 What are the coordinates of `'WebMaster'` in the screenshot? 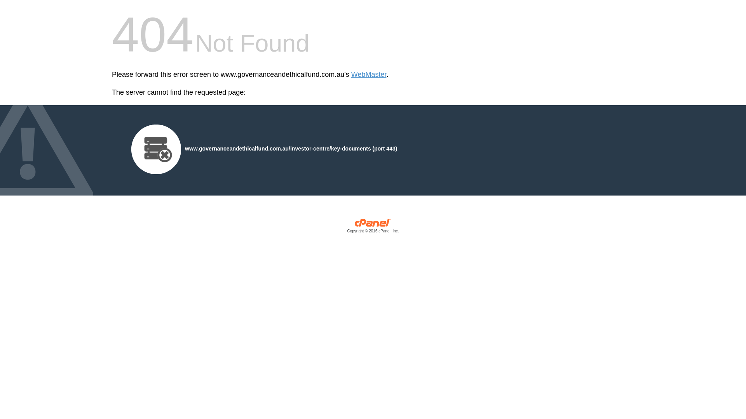 It's located at (368, 74).